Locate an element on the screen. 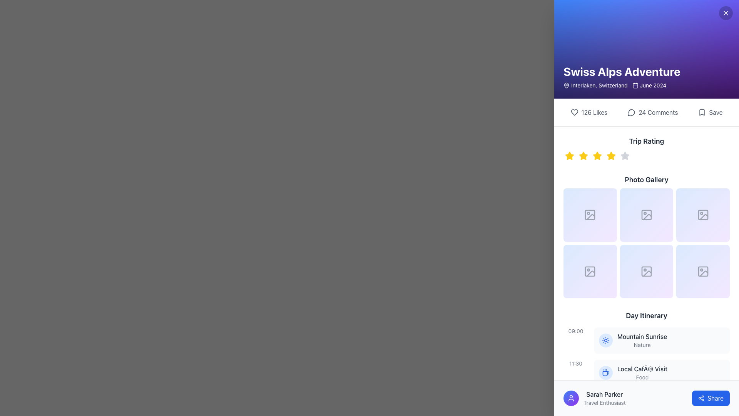 The image size is (739, 416). the third star icon button is located at coordinates (597, 156).